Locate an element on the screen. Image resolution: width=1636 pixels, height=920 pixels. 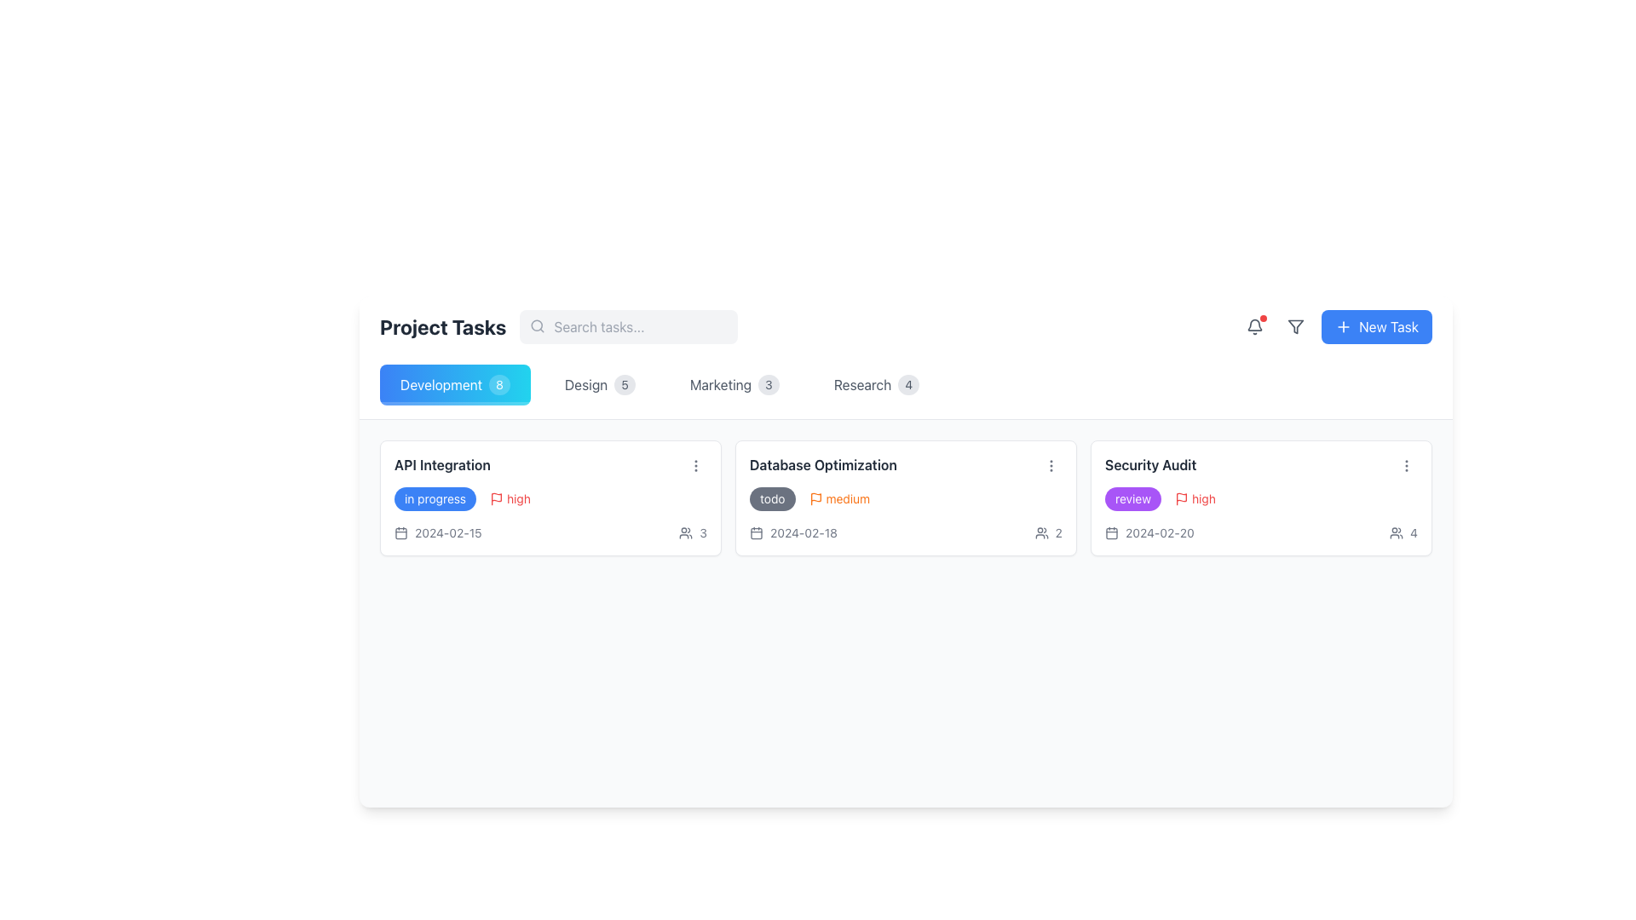
the calendar icon, which is a simple and modern icon to the left of the date '2024-02-18' in the second card of the displayed tasks is located at coordinates (756, 532).